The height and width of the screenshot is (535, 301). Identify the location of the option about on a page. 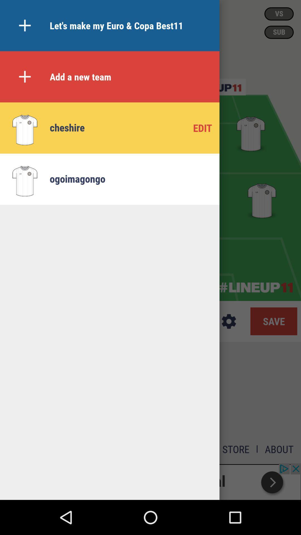
(279, 449).